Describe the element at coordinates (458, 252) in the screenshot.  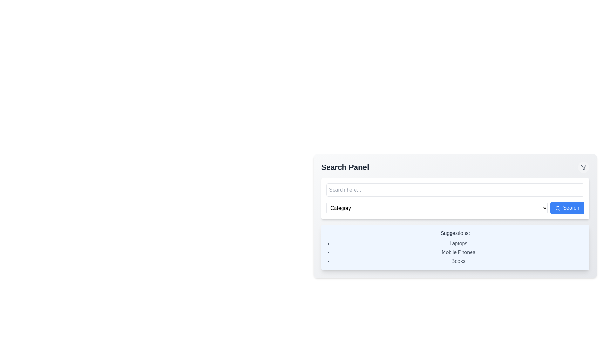
I see `the text item displaying 'Mobile Phones' located in the Suggestions section, which is the second item in a vertical list of three, between 'Laptops' and 'Books'` at that location.